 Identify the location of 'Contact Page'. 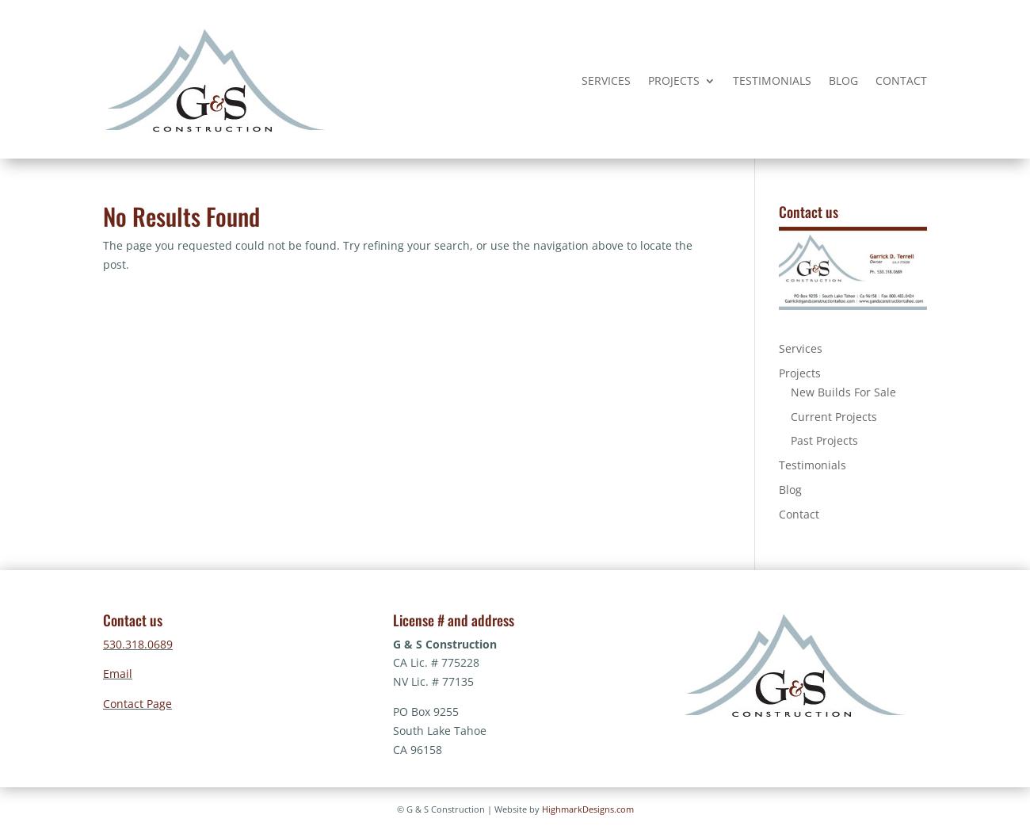
(137, 702).